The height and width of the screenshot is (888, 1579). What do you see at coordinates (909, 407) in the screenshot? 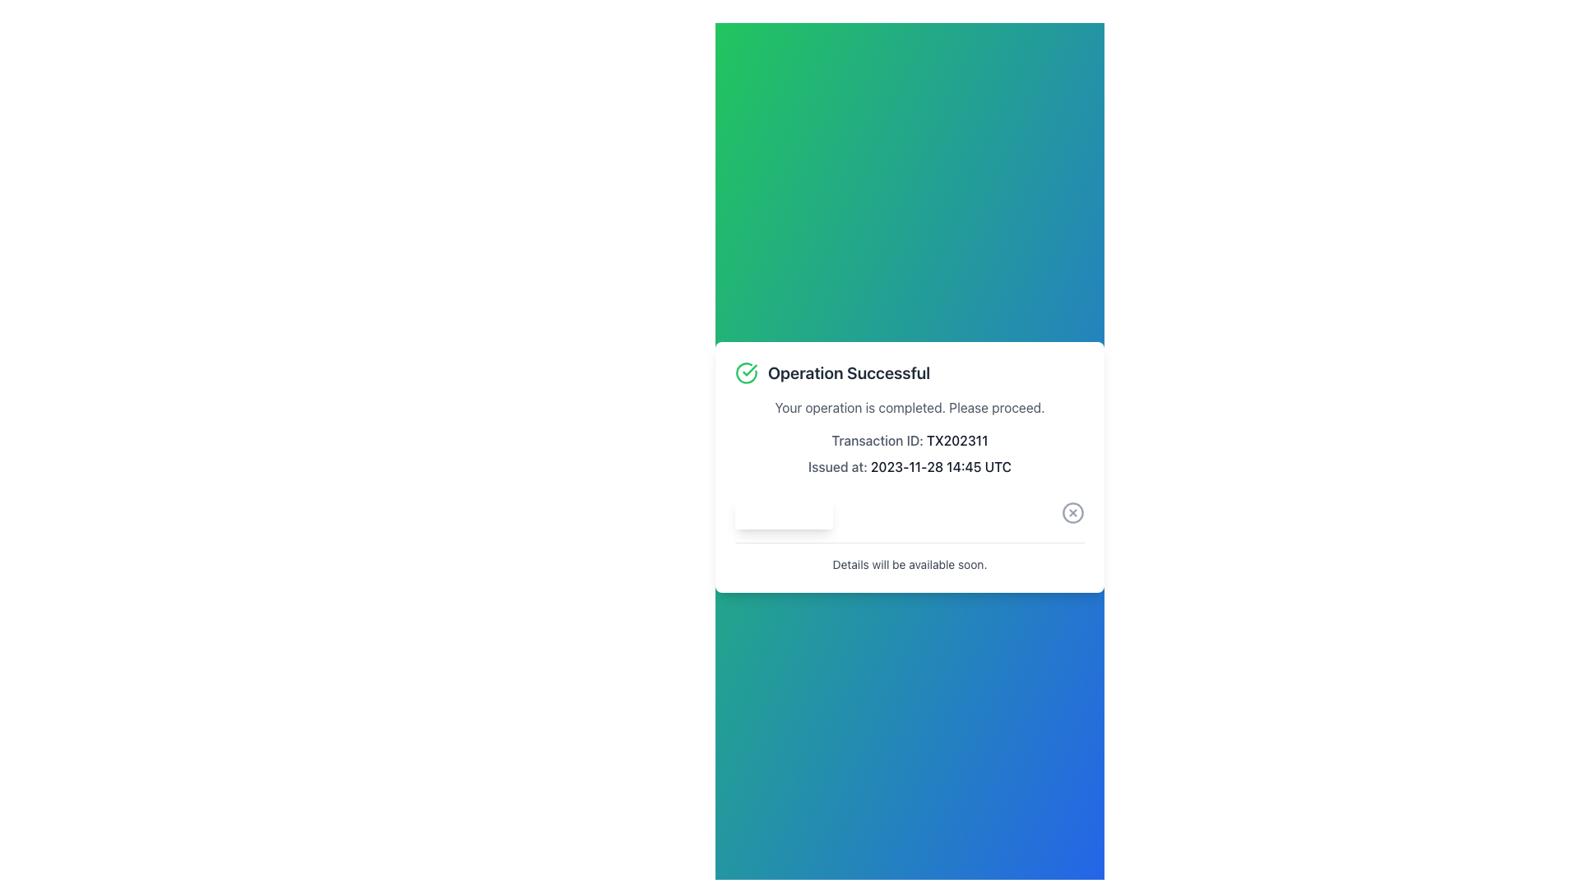
I see `confirmation message text label that indicates successful operation completion, located in the second row of text within the panel titled 'Operation Successful'` at bounding box center [909, 407].